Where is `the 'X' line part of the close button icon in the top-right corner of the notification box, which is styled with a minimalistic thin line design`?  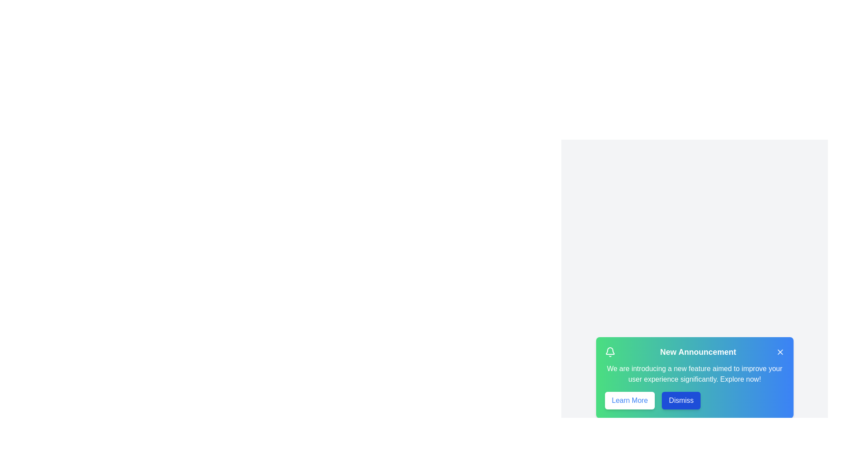 the 'X' line part of the close button icon in the top-right corner of the notification box, which is styled with a minimalistic thin line design is located at coordinates (780, 351).